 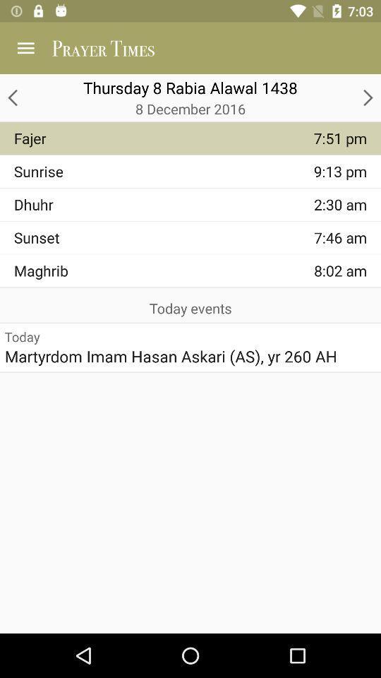 I want to click on the arrow_forward icon, so click(x=367, y=97).